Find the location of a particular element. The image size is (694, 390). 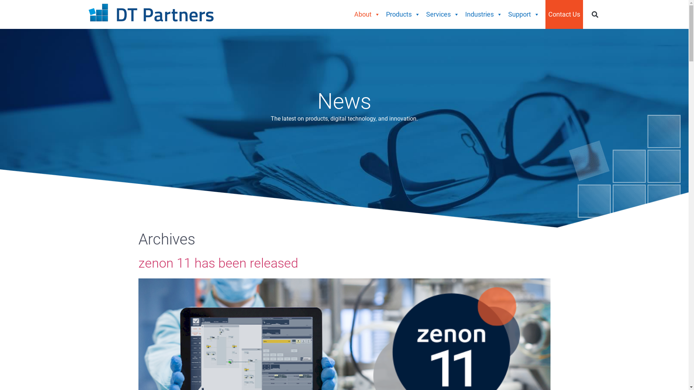

'About' is located at coordinates (367, 14).